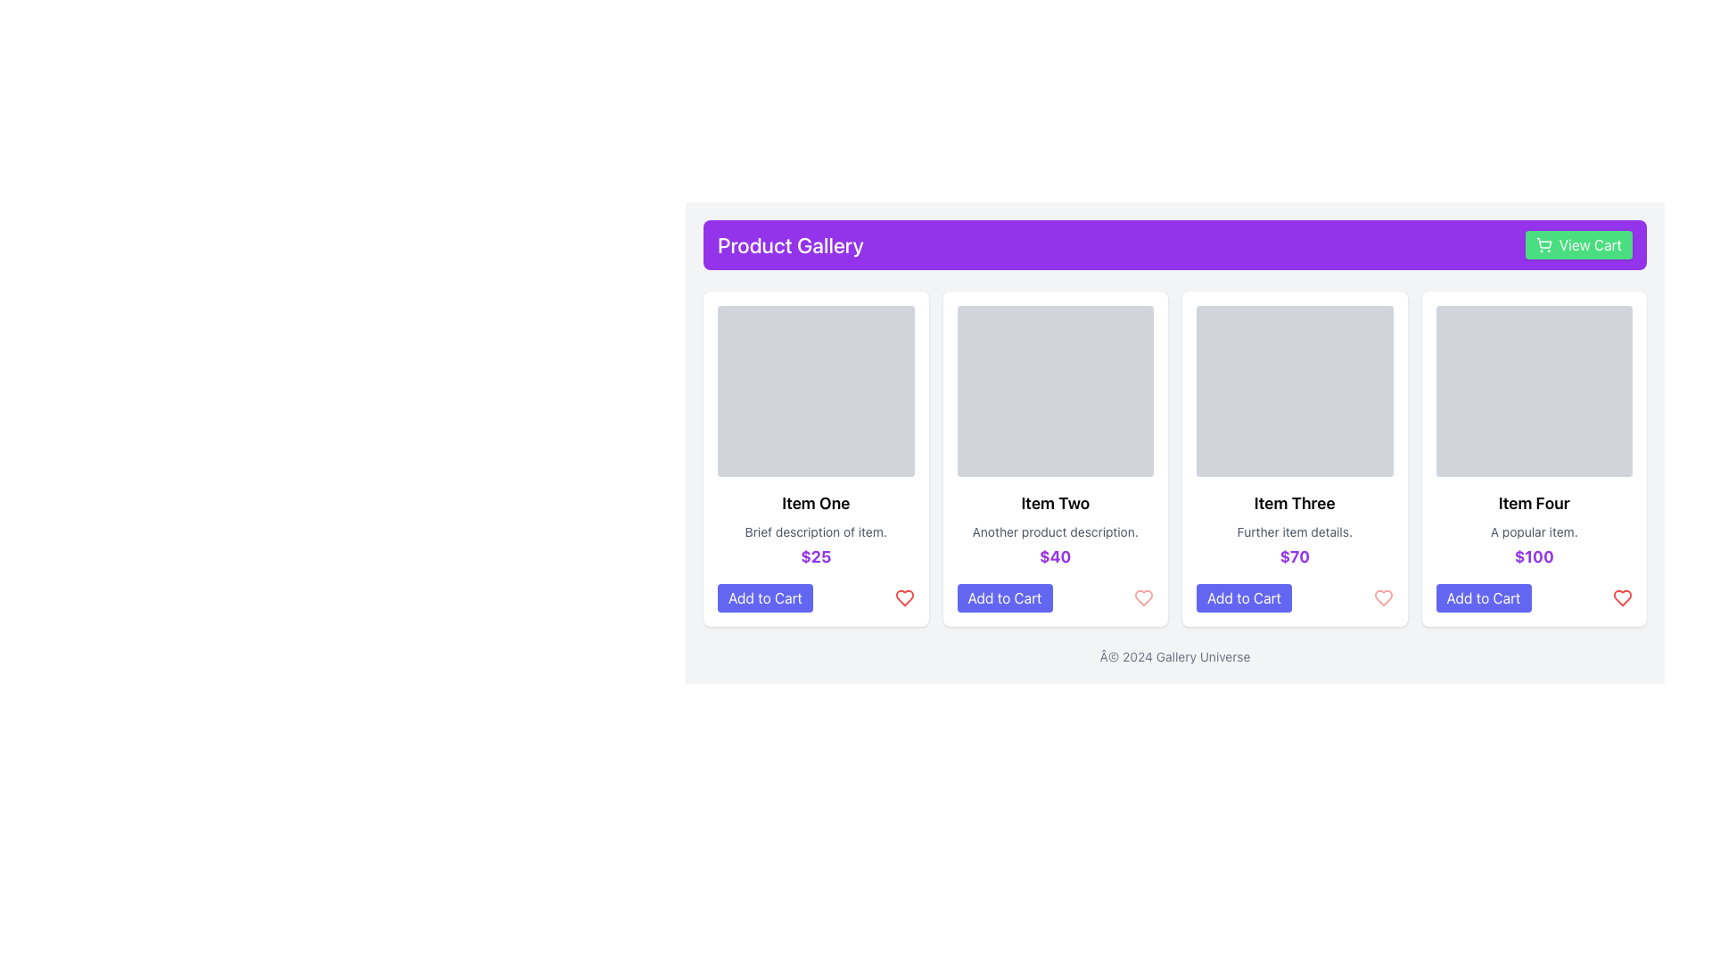  What do you see at coordinates (1005, 598) in the screenshot?
I see `the 'Add to Cart' button with white text on a purple background located at the bottom center of 'Item Two' in the product gallery` at bounding box center [1005, 598].